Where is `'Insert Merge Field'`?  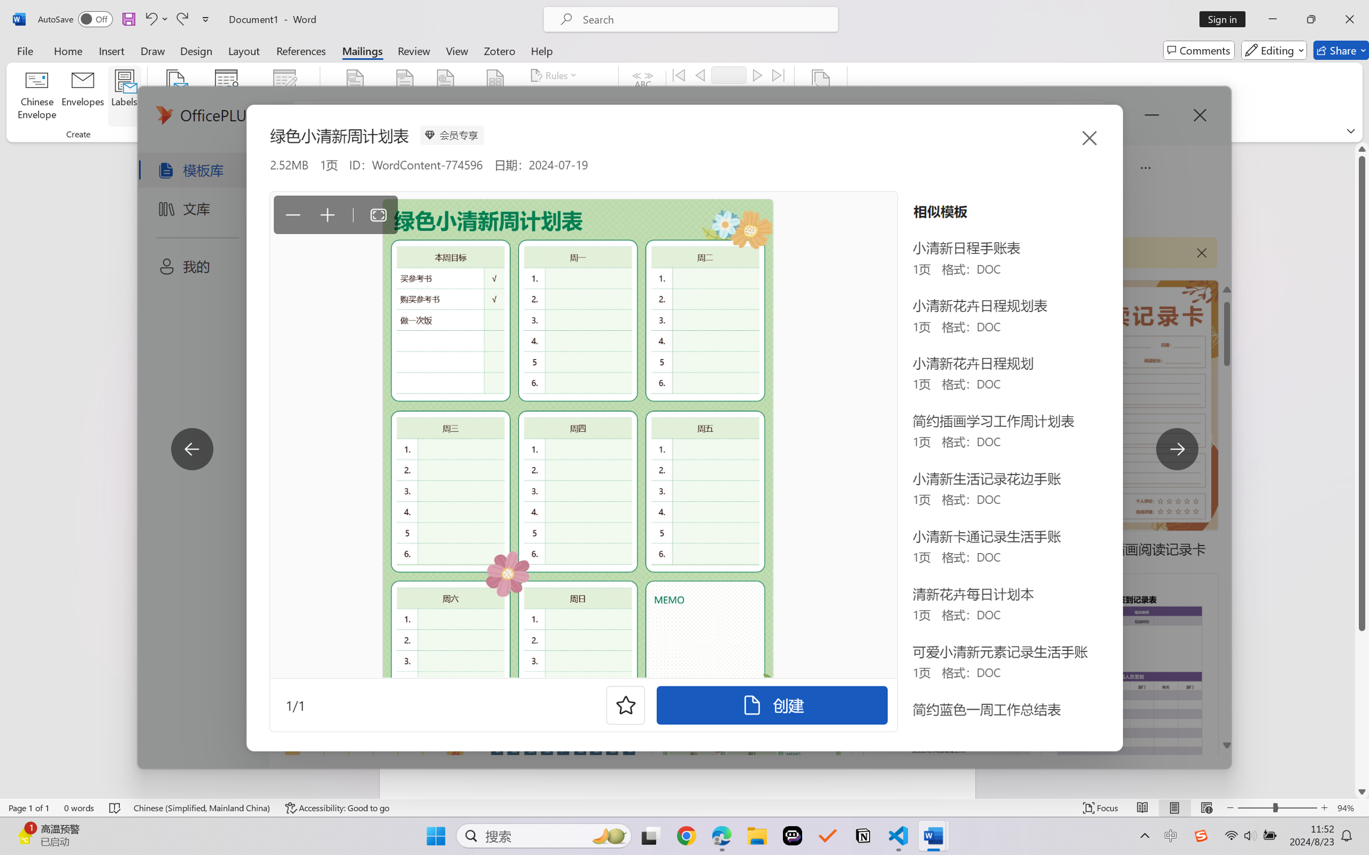
'Insert Merge Field' is located at coordinates (495, 81).